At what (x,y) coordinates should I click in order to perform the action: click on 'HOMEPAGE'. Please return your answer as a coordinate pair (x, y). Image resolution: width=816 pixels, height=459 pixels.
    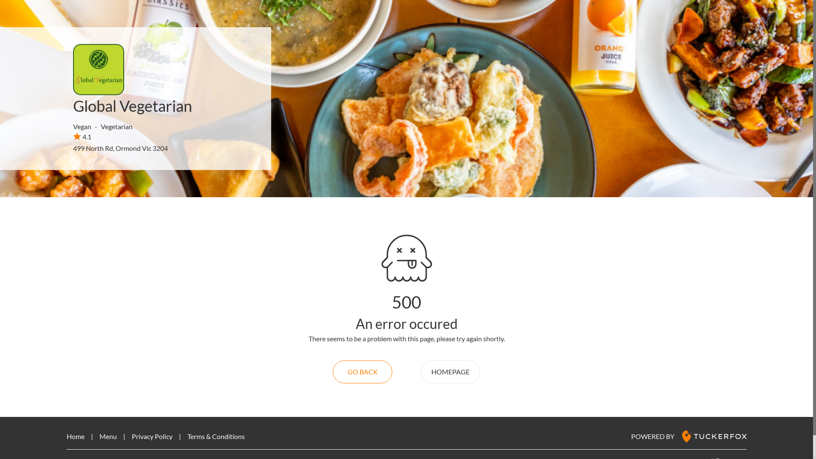
    Looking at the image, I should click on (420, 371).